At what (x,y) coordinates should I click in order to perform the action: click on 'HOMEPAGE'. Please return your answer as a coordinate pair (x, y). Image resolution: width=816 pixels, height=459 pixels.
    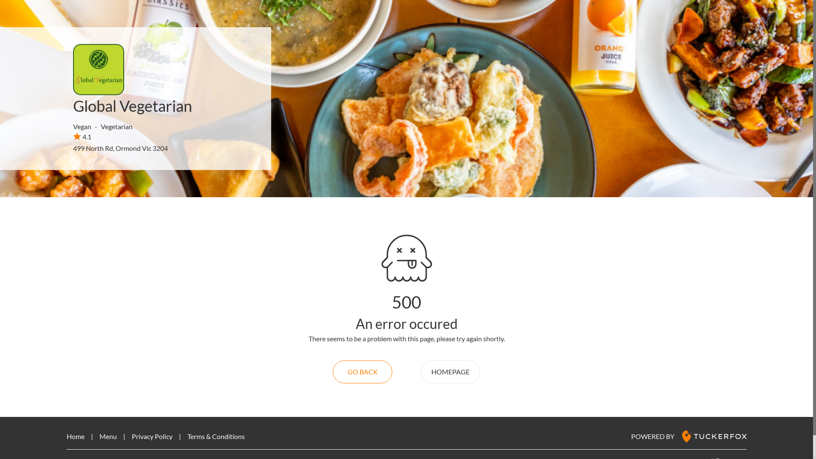
    Looking at the image, I should click on (420, 371).